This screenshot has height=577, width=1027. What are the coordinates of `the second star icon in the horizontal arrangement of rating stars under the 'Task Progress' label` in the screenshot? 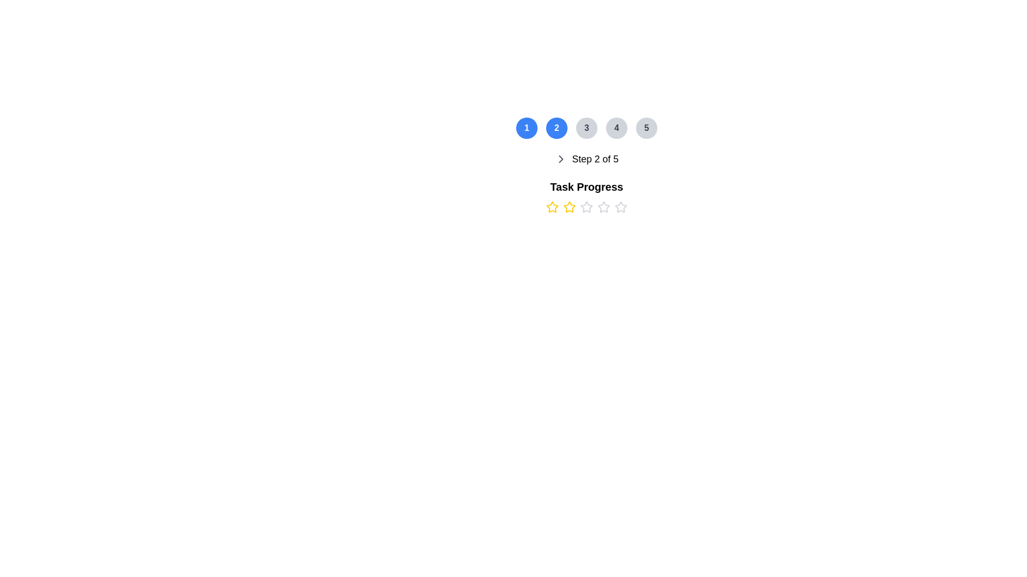 It's located at (569, 206).